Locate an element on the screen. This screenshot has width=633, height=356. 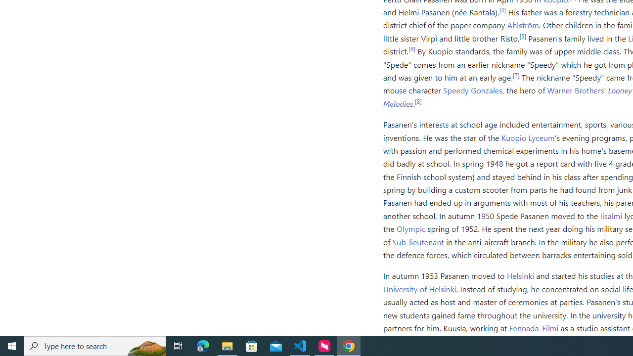
'[6]' is located at coordinates (411, 48).